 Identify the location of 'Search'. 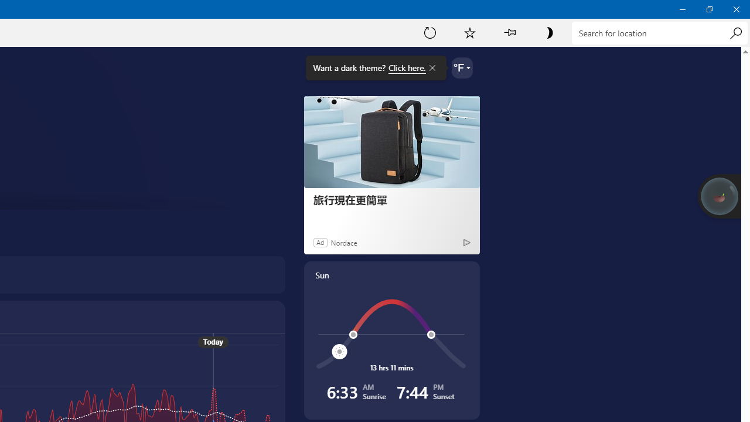
(735, 32).